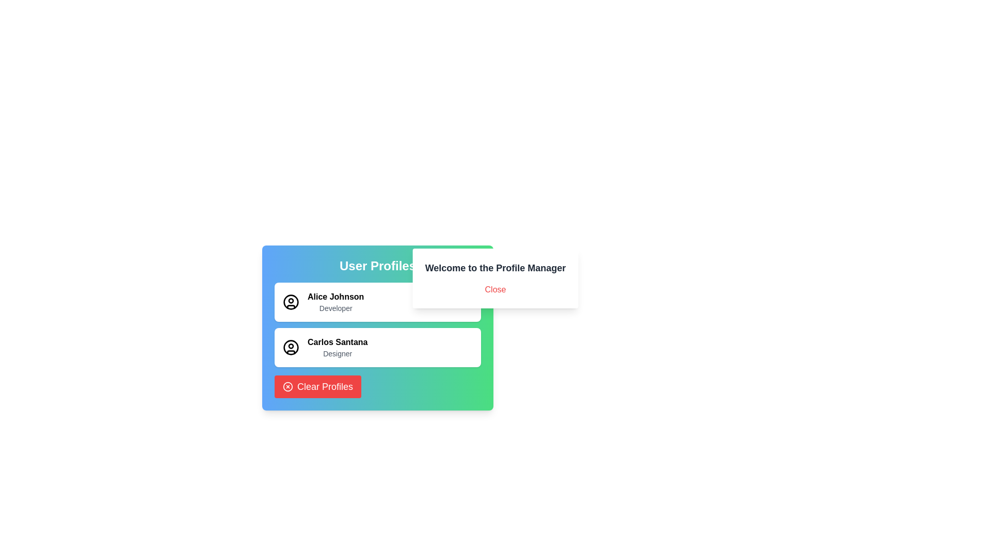  I want to click on text label displaying 'Designer' located below the name 'Carlos Santana' within the second profile card, so click(338, 353).